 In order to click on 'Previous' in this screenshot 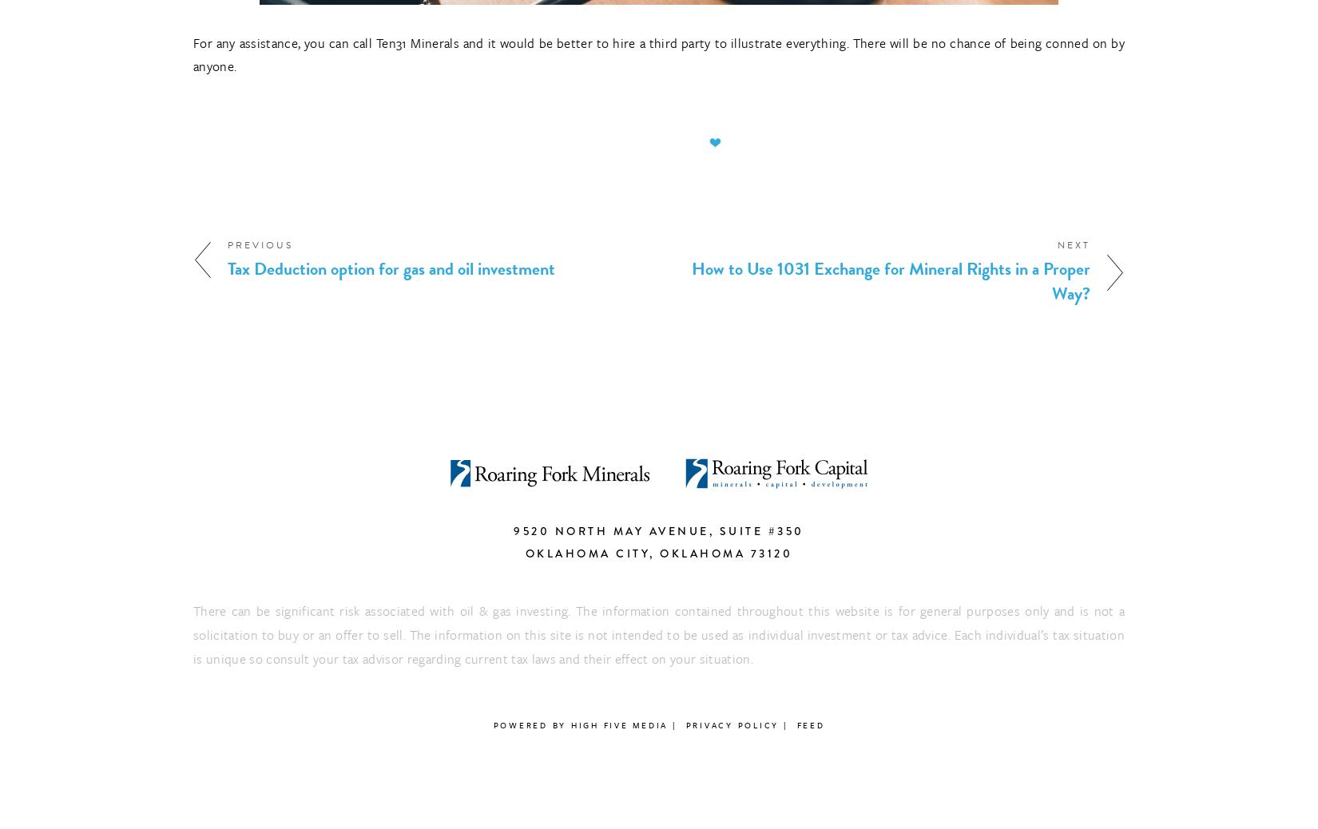, I will do `click(260, 244)`.